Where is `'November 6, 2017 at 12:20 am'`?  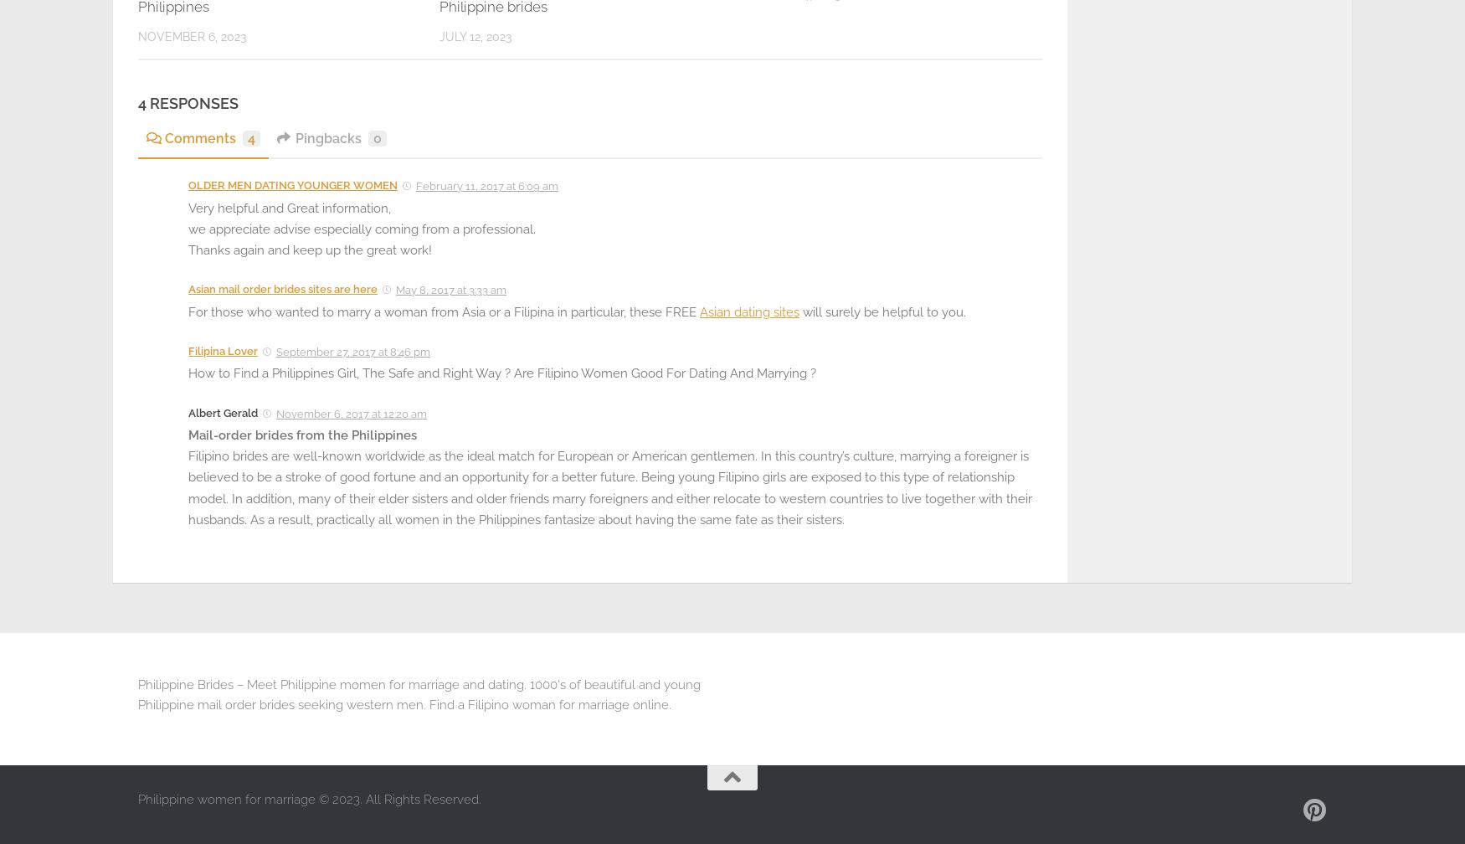
'November 6, 2017 at 12:20 am' is located at coordinates (351, 413).